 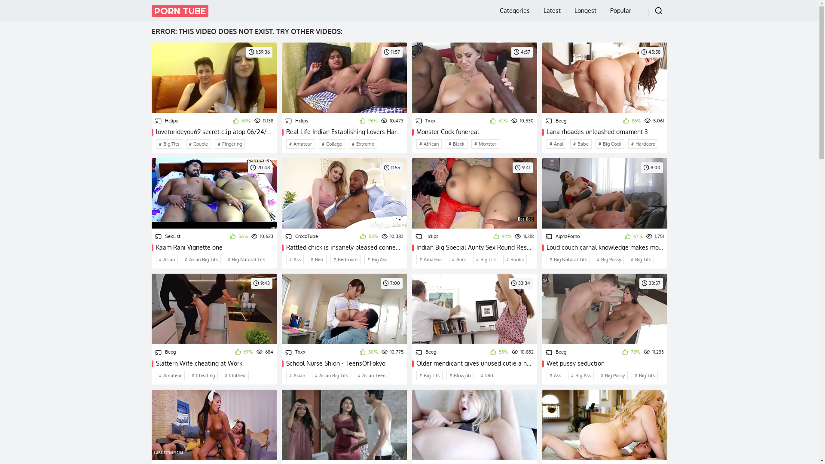 I want to click on 'Hclips', so click(x=166, y=121).